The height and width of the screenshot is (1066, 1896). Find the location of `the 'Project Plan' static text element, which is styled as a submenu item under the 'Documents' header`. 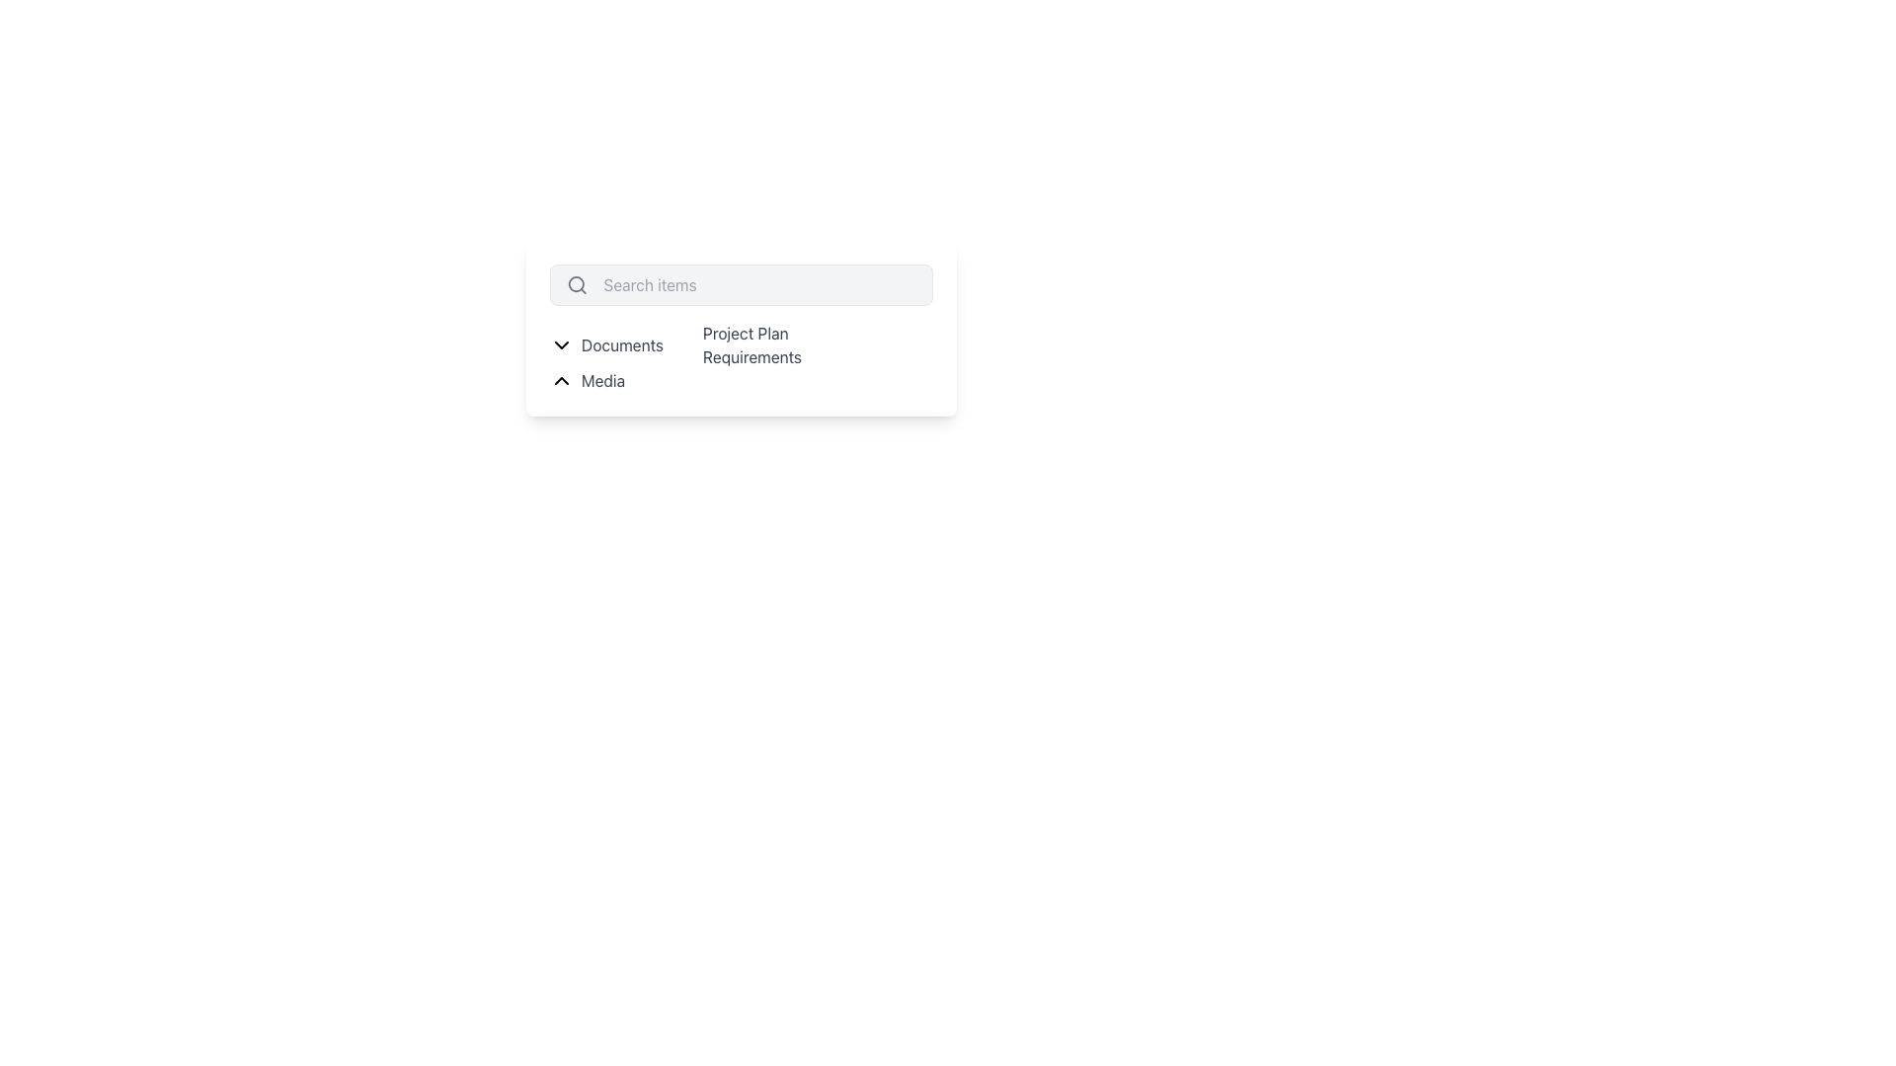

the 'Project Plan' static text element, which is styled as a submenu item under the 'Documents' header is located at coordinates (743, 333).